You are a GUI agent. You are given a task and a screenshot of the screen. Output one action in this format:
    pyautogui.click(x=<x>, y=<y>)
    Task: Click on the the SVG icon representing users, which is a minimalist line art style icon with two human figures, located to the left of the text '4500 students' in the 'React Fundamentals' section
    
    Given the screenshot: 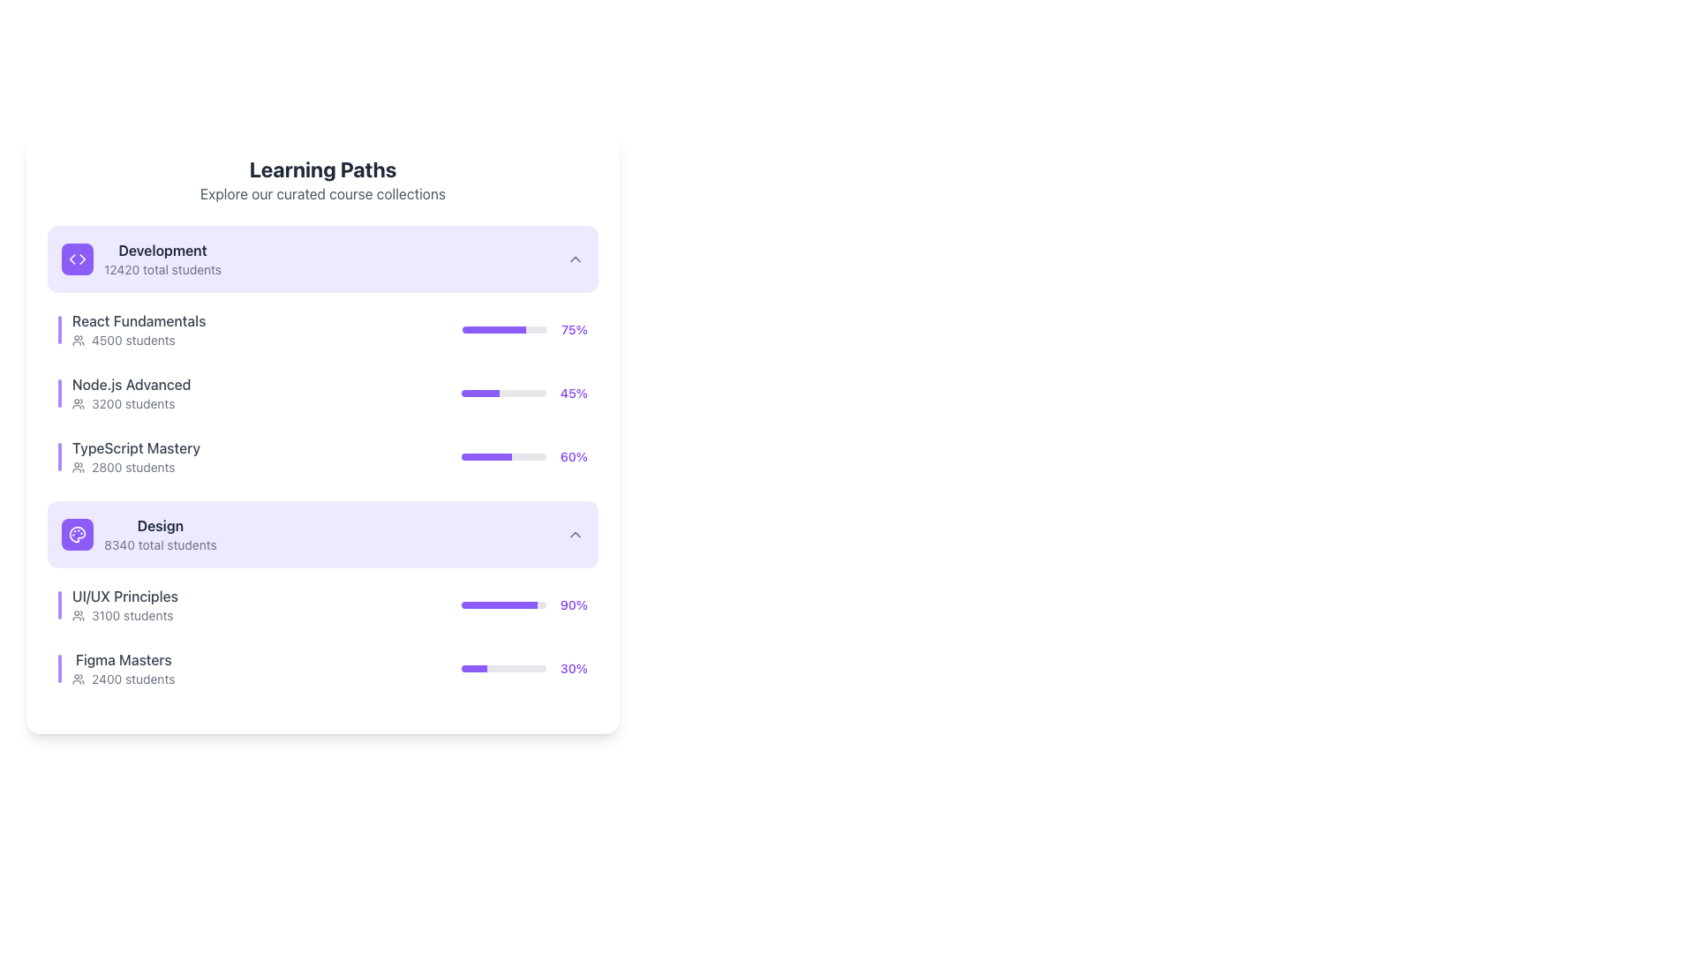 What is the action you would take?
    pyautogui.click(x=78, y=340)
    